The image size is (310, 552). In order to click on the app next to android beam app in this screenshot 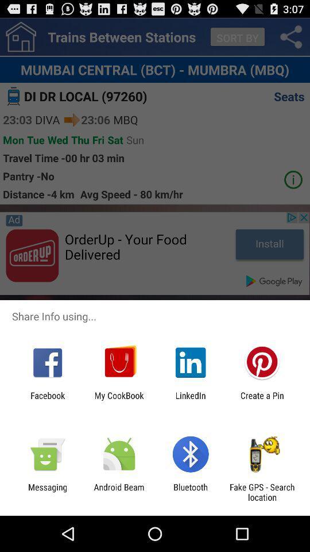, I will do `click(191, 492)`.